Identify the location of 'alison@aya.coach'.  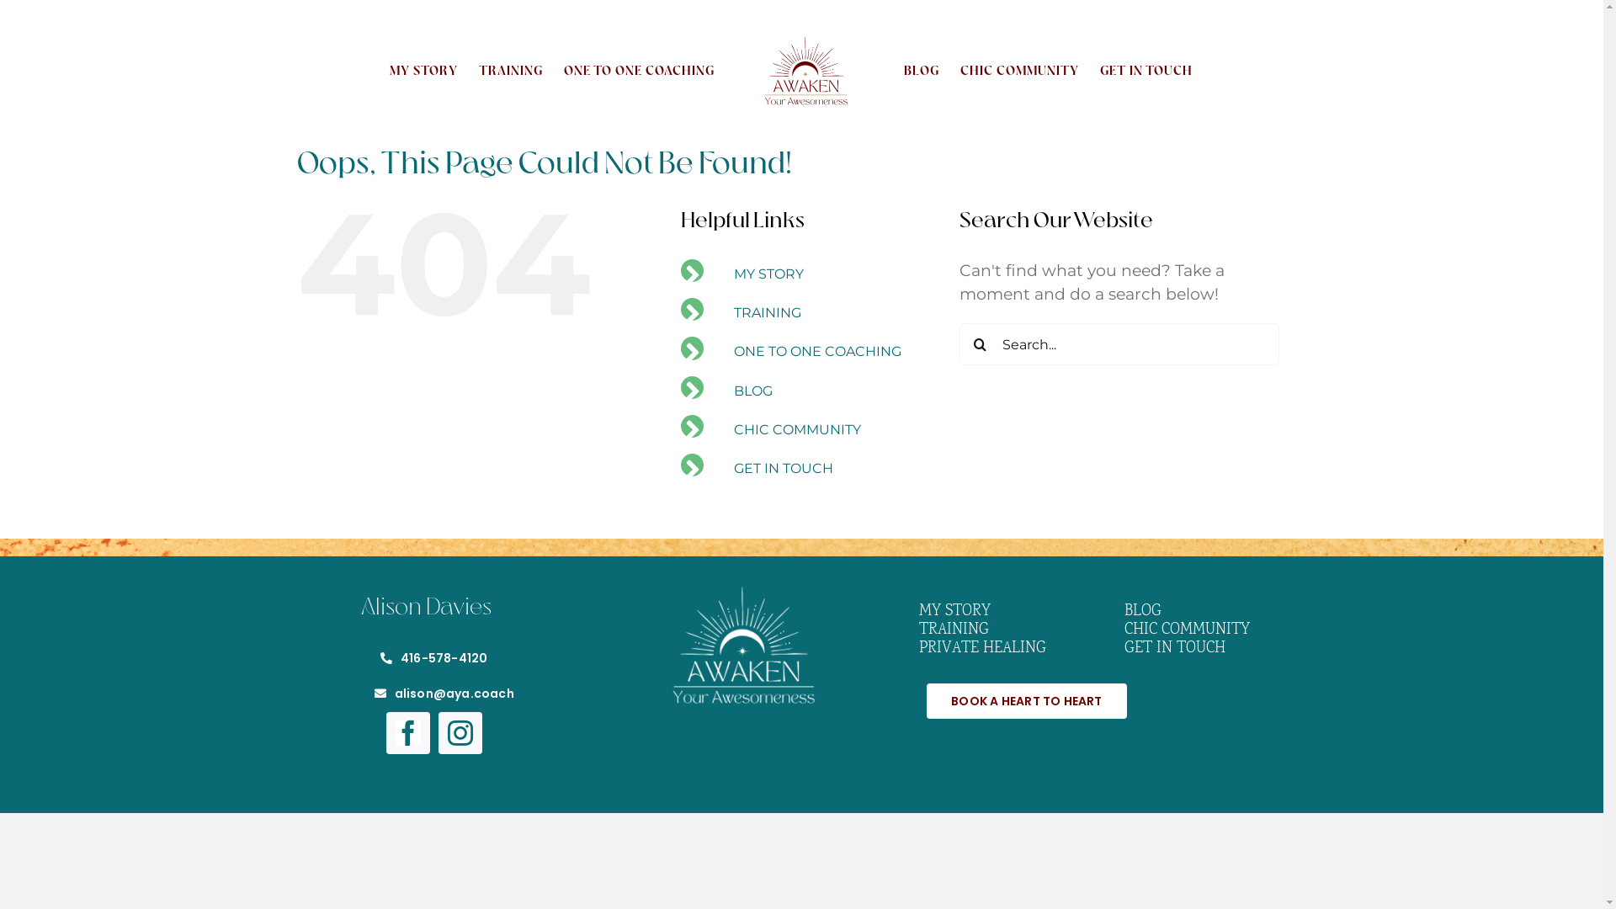
(349, 694).